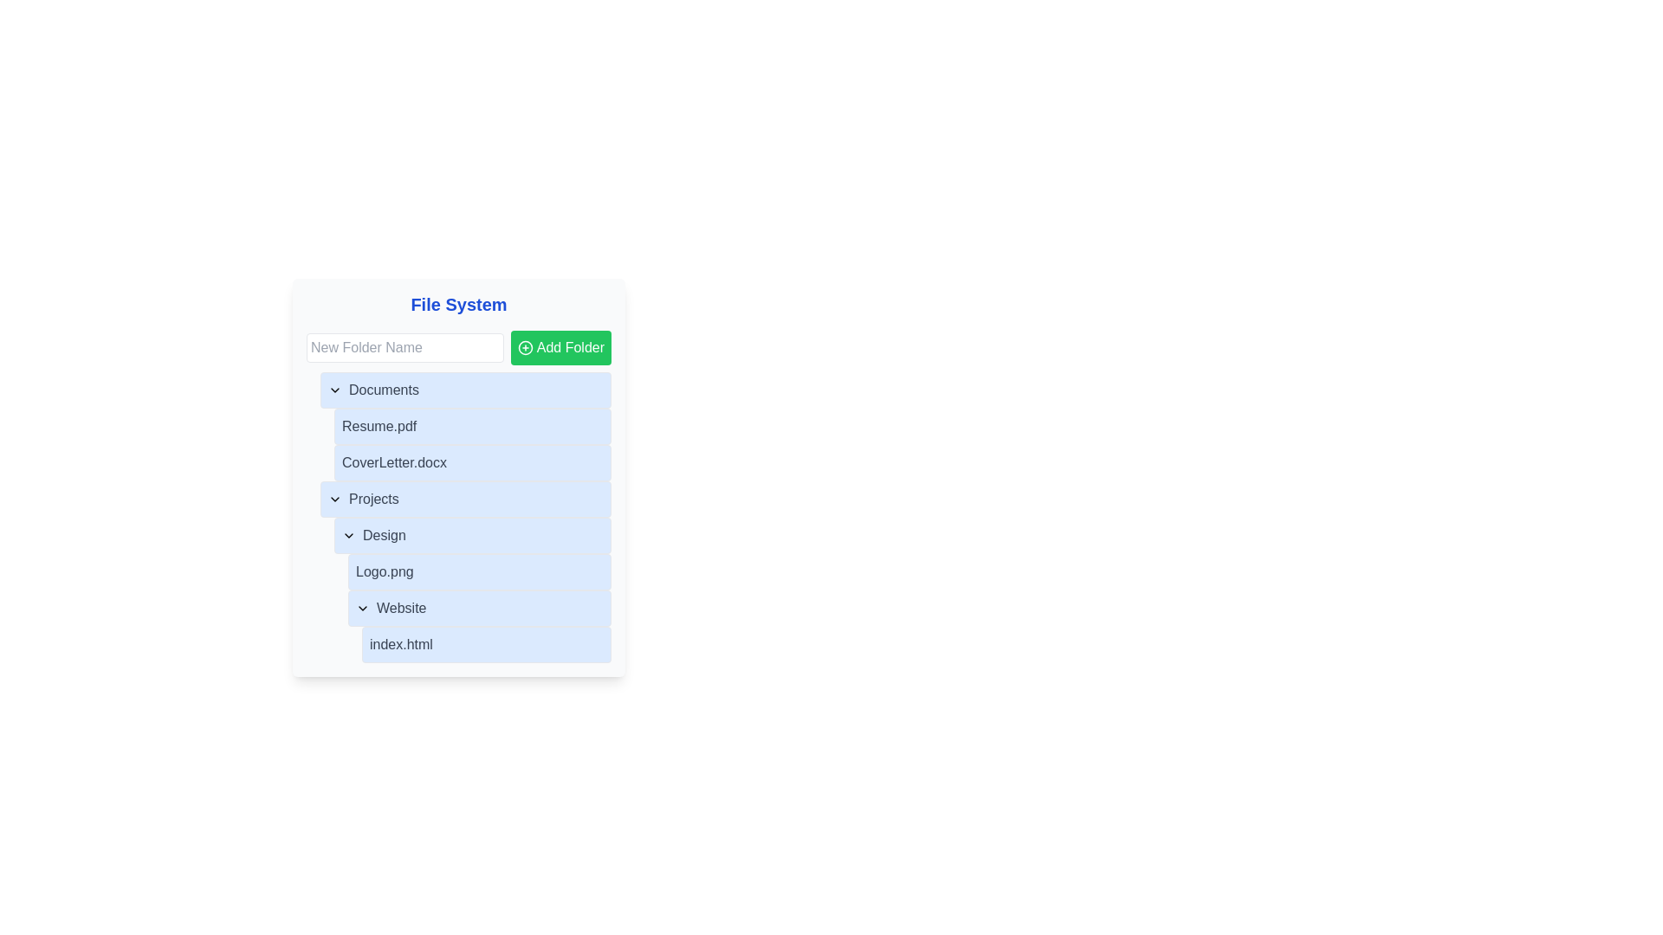  I want to click on the chevron icon next to the 'Documents' label, so click(335, 390).